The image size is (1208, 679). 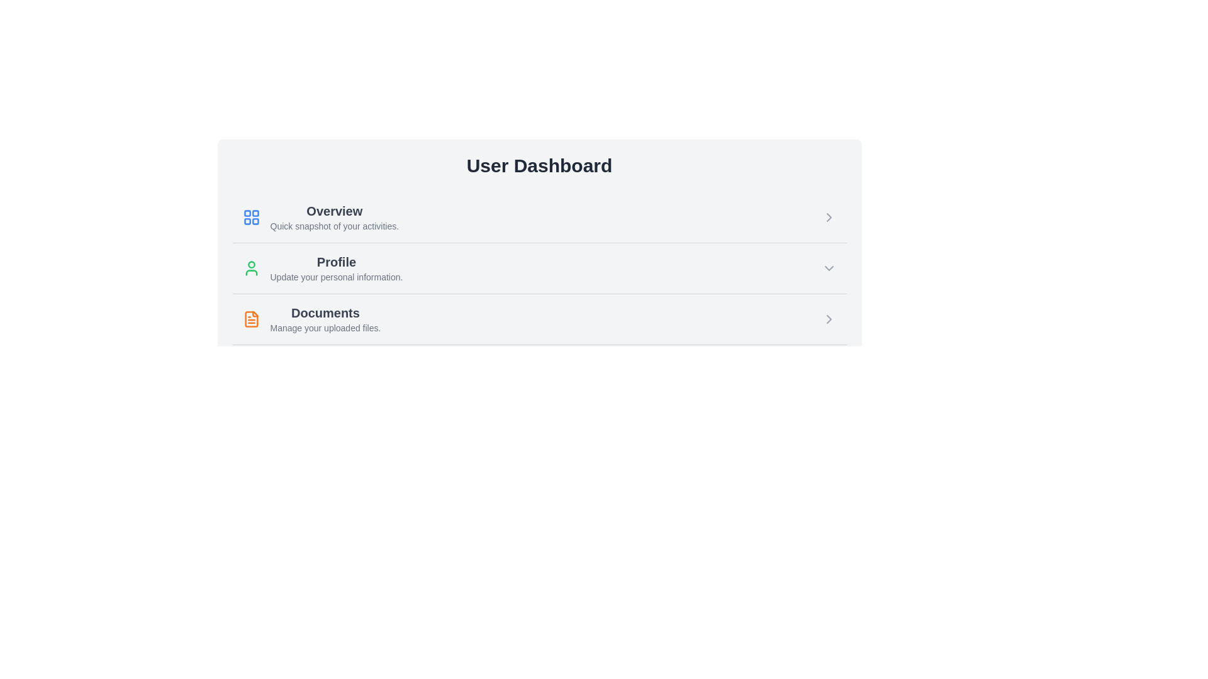 I want to click on the descriptive label for the 'Profile' section, which informs users about updating their personal information, located directly below the 'Profile' title, so click(x=336, y=276).